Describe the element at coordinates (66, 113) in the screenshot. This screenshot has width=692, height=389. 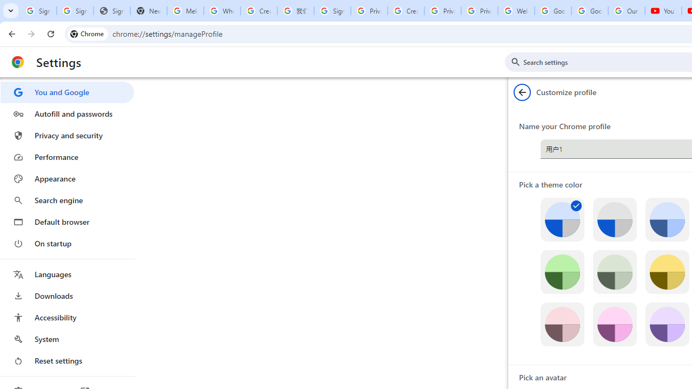
I see `'Autofill and passwords'` at that location.